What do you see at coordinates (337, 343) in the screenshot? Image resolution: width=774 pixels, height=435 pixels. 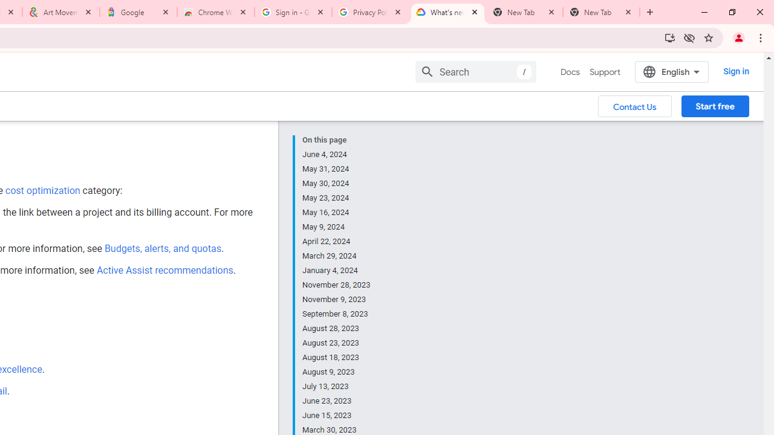 I see `'August 23, 2023'` at bounding box center [337, 343].